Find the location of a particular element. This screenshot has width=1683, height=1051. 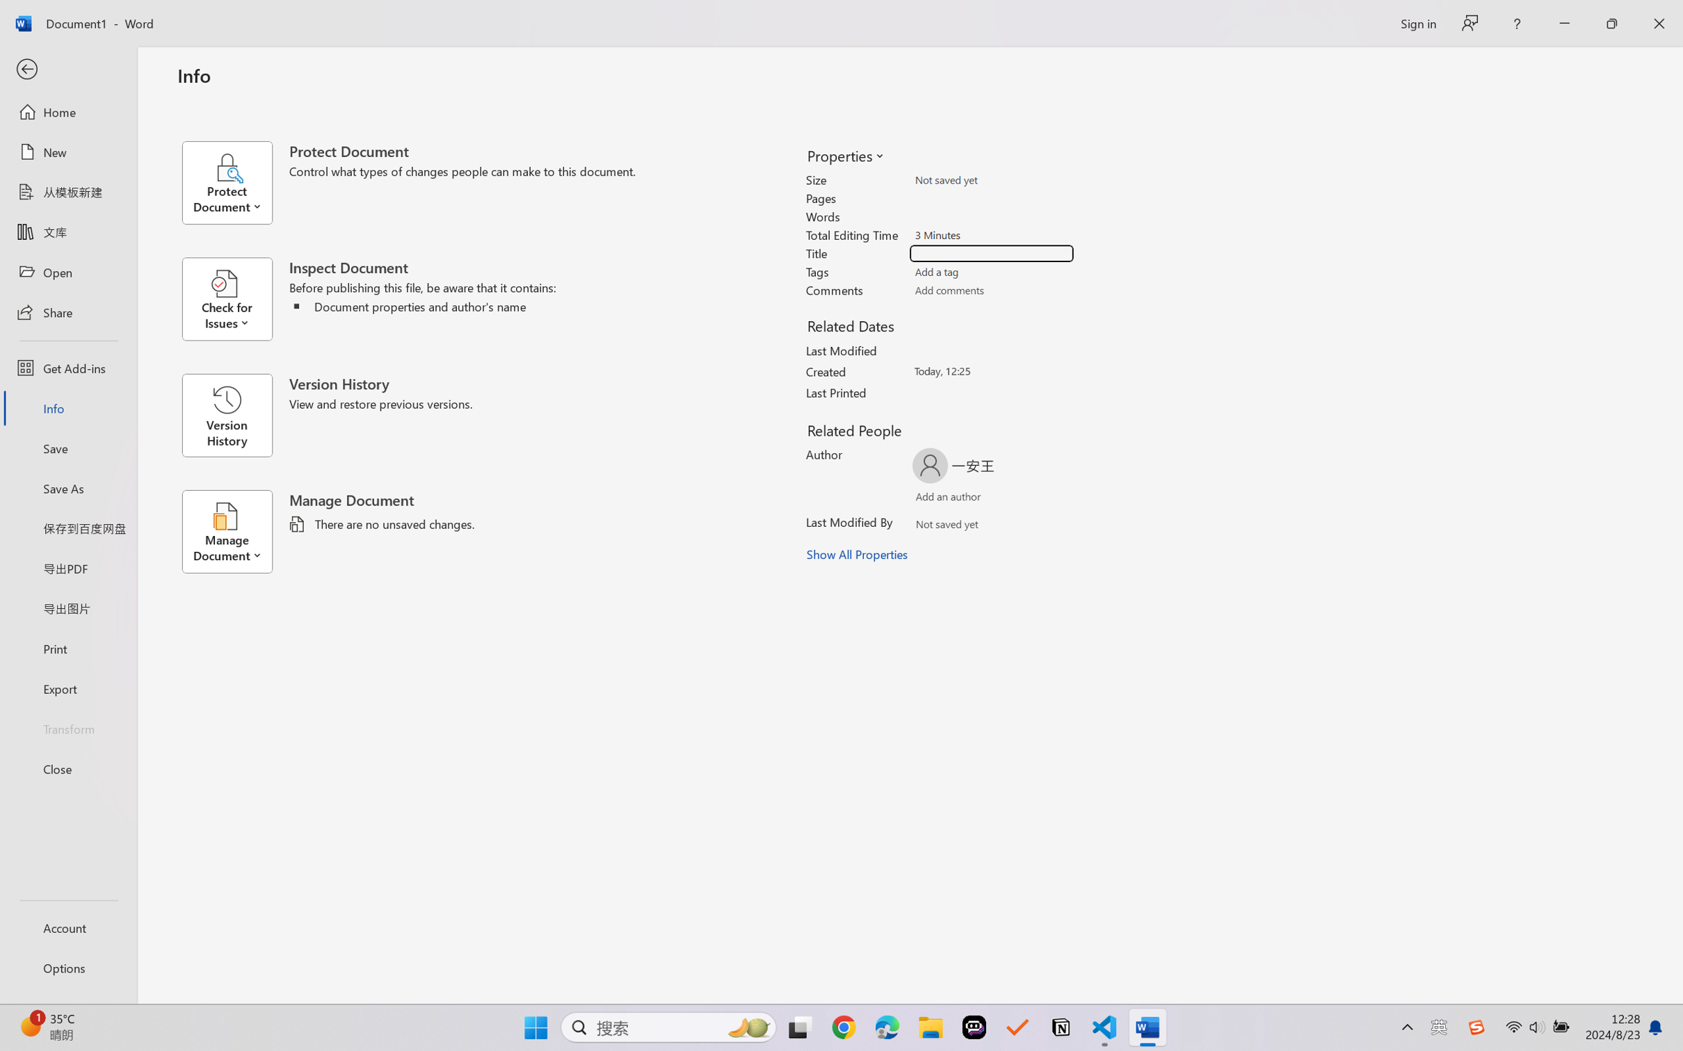

'Export' is located at coordinates (67, 687).